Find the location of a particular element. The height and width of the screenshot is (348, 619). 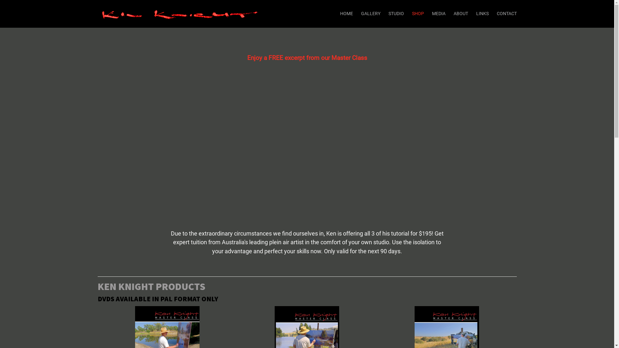

'CONTACT' is located at coordinates (506, 14).